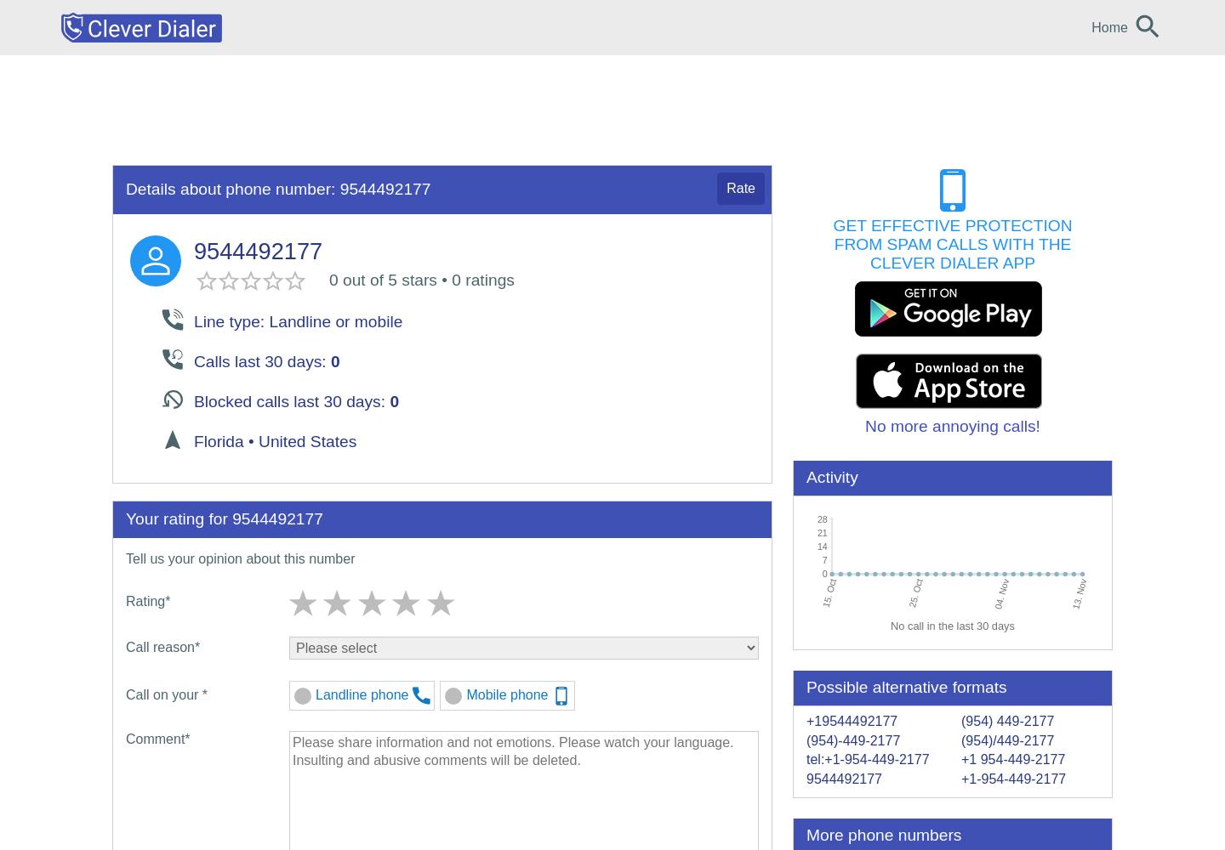 This screenshot has height=850, width=1225. What do you see at coordinates (852, 739) in the screenshot?
I see `'(954)-449-2177'` at bounding box center [852, 739].